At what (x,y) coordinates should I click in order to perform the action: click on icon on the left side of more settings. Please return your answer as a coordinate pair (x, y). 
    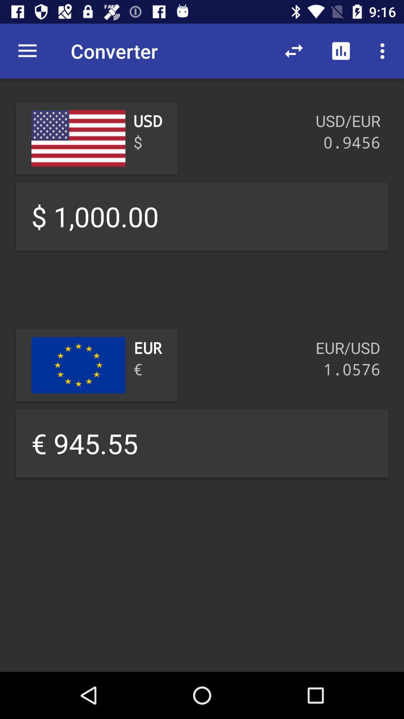
    Looking at the image, I should click on (341, 51).